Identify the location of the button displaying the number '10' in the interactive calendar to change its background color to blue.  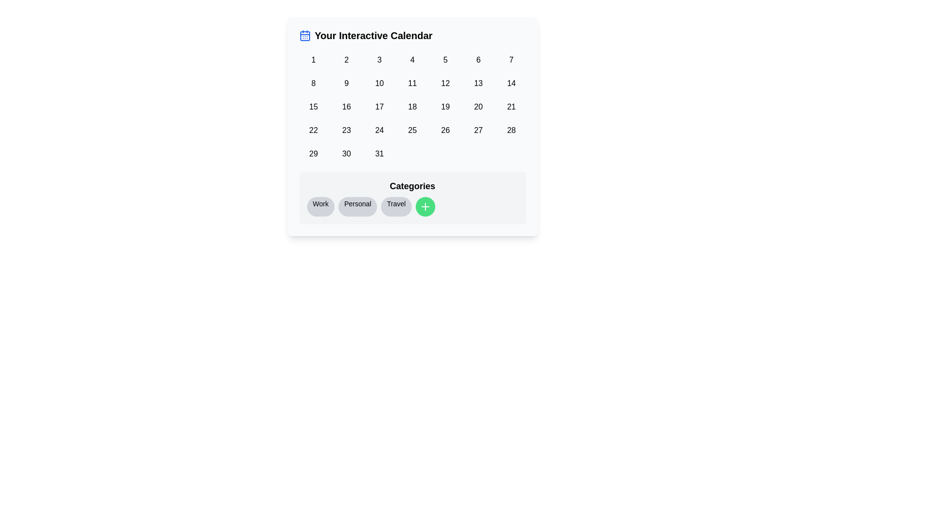
(379, 83).